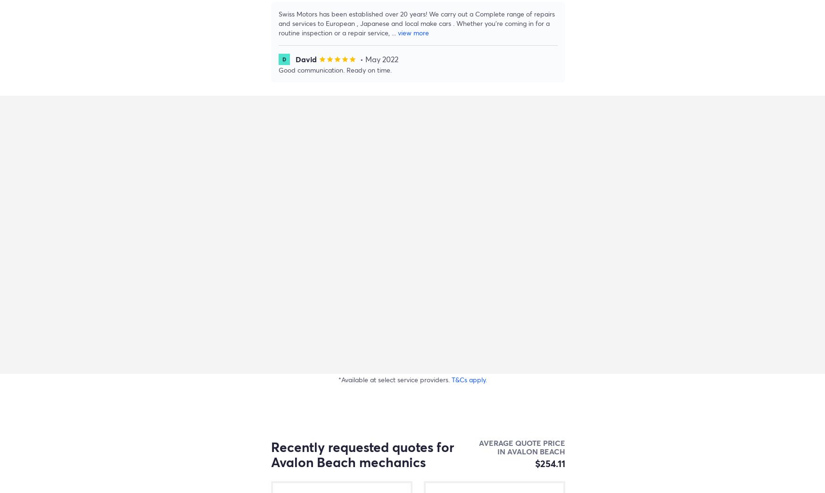 Image resolution: width=825 pixels, height=493 pixels. I want to click on 'T&Cs apply.', so click(451, 379).